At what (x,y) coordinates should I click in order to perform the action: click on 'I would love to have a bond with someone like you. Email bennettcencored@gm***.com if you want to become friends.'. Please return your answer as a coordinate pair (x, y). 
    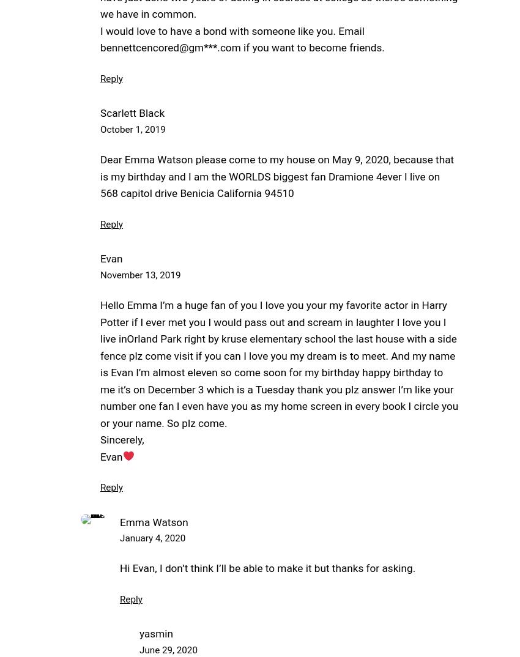
    Looking at the image, I should click on (242, 39).